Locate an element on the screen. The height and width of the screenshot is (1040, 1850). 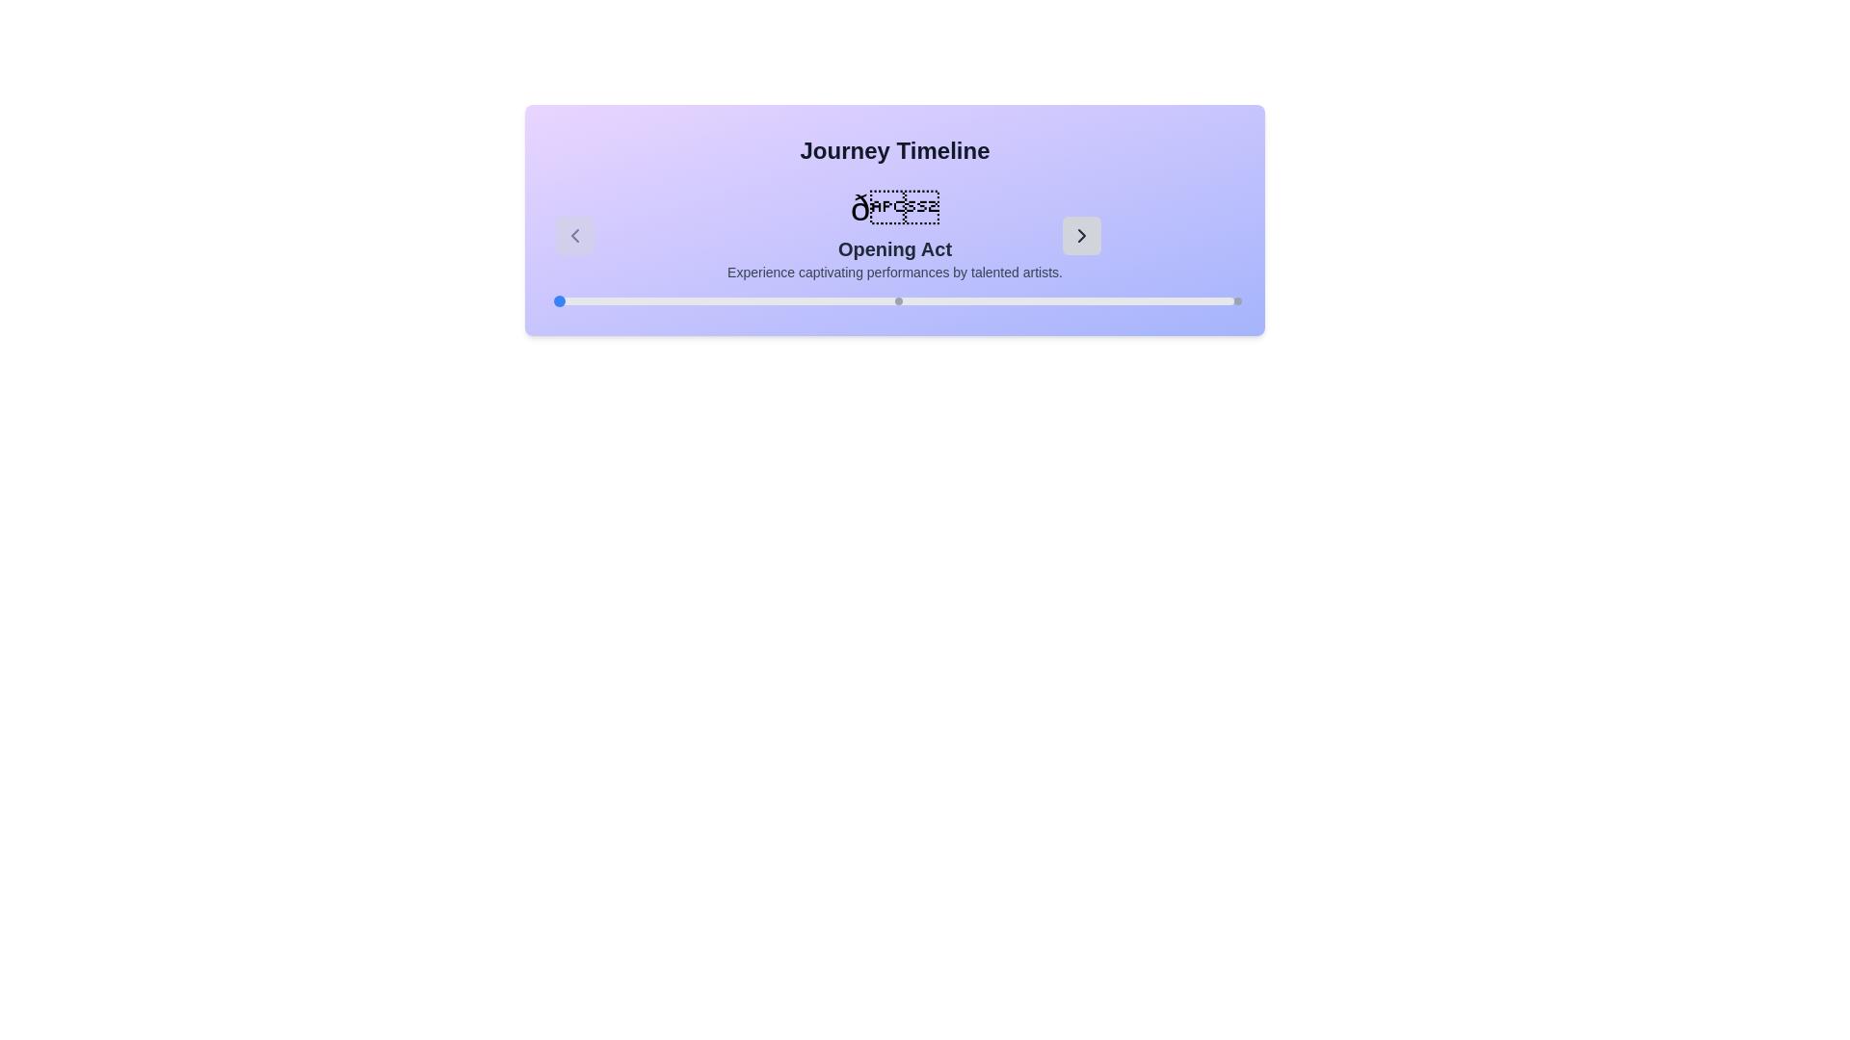
the text label that reads 'Experience captivating performances by talented artists.', which is styled with a smaller font size and gray color, located centrally beneath the heading 'Opening Act' is located at coordinates (894, 272).